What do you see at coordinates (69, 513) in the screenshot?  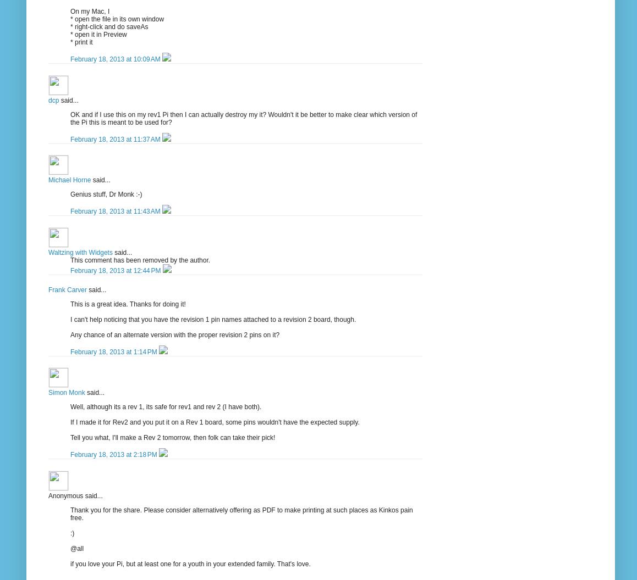 I see `'Thank you for the share.  Please consider alternatively offering as PDF to make printing at such places as Kinkos pain free.'` at bounding box center [69, 513].